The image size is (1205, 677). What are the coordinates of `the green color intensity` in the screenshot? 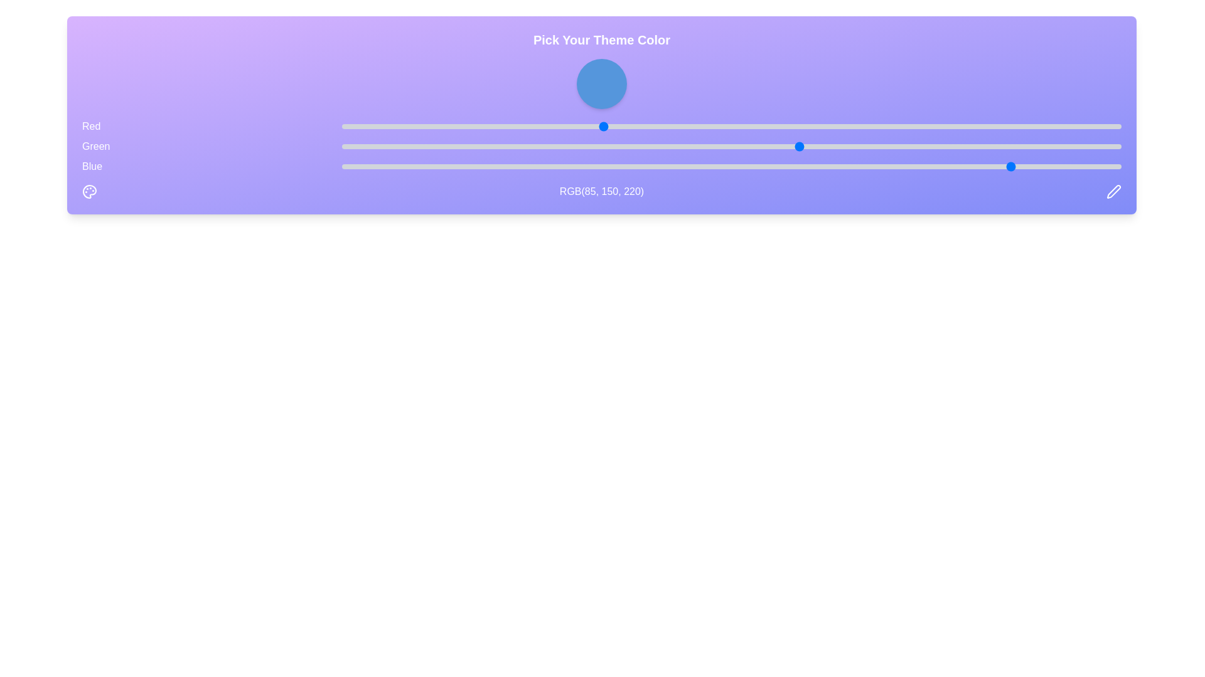 It's located at (742, 146).